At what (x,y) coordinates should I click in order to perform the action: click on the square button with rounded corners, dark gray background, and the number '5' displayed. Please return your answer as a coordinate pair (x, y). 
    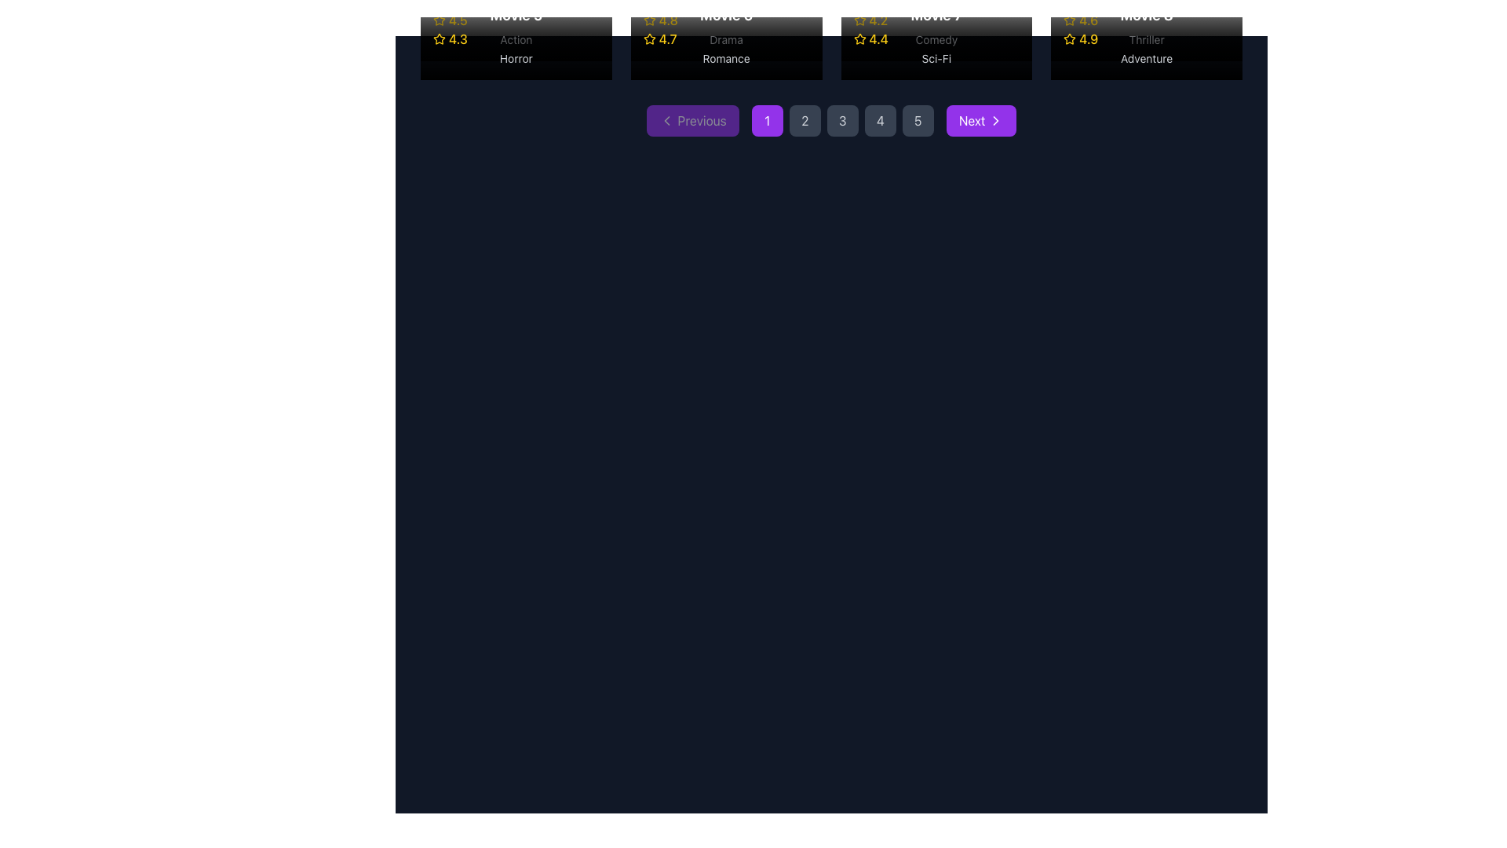
    Looking at the image, I should click on (918, 120).